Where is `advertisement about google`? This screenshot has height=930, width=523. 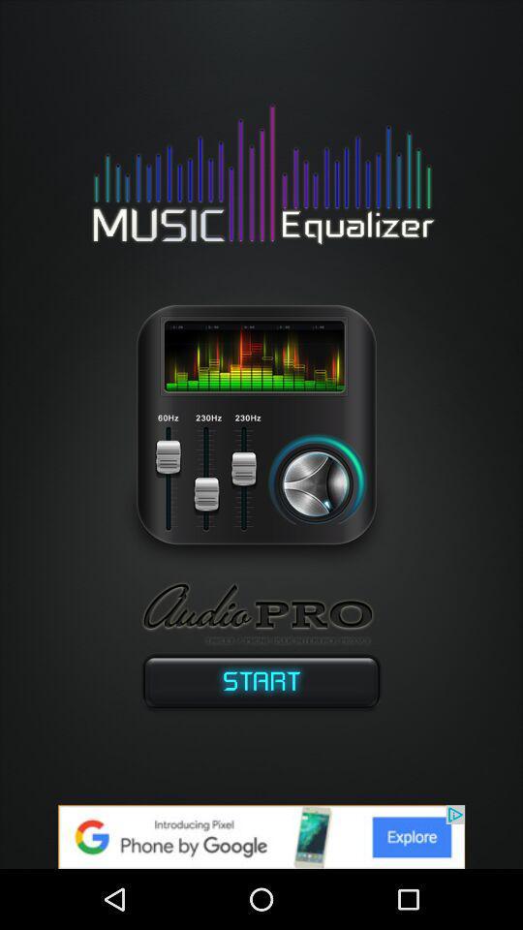 advertisement about google is located at coordinates (261, 836).